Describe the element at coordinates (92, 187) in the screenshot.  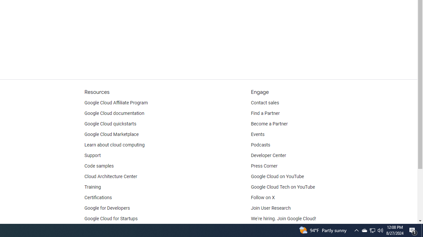
I see `'Training'` at that location.